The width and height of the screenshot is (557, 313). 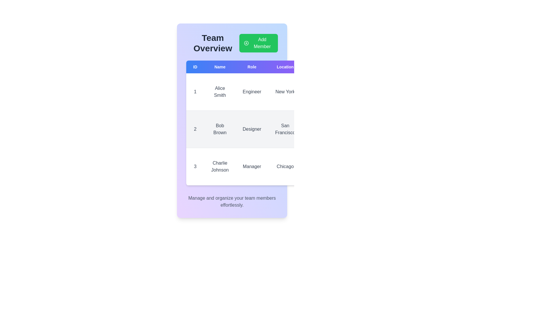 I want to click on the Text Display element that contains the text 'Charlie Johnson', located in the third row of a table under the 'Name' column, so click(x=220, y=166).